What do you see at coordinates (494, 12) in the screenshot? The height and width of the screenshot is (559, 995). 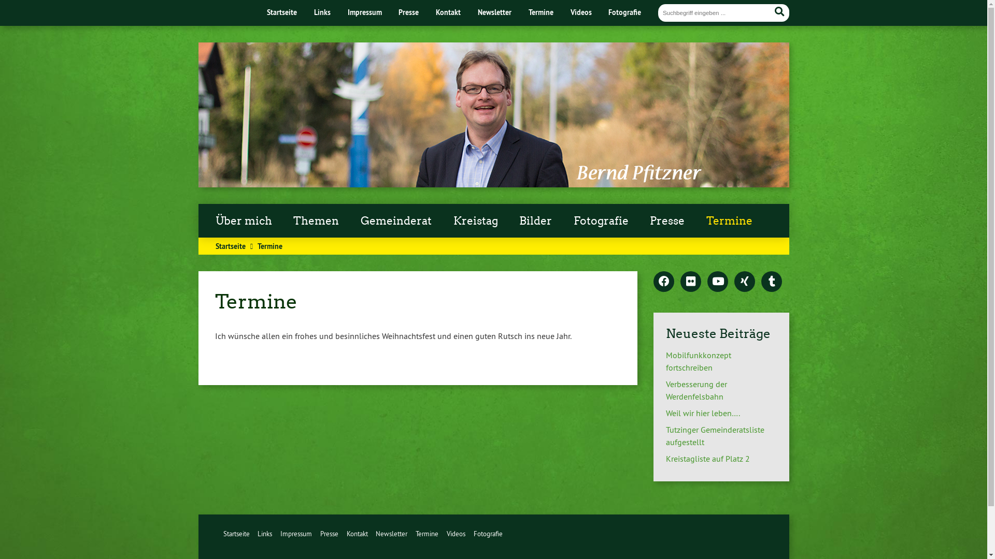 I see `'Newsletter'` at bounding box center [494, 12].